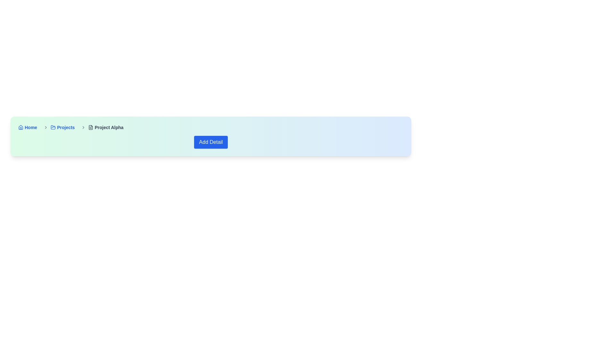  I want to click on the 'Home' text label in the breadcrumb navigation, which is styled in bold blue font and appears next to a house icon, so click(30, 127).